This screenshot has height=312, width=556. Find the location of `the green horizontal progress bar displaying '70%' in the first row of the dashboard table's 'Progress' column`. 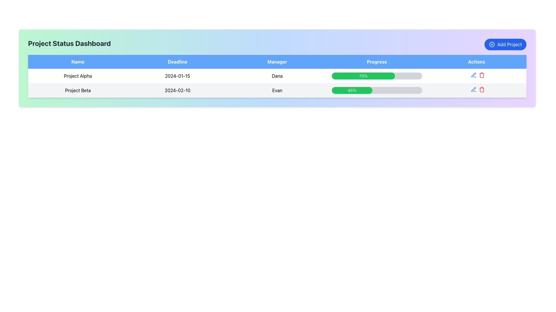

the green horizontal progress bar displaying '70%' in the first row of the dashboard table's 'Progress' column is located at coordinates (363, 75).